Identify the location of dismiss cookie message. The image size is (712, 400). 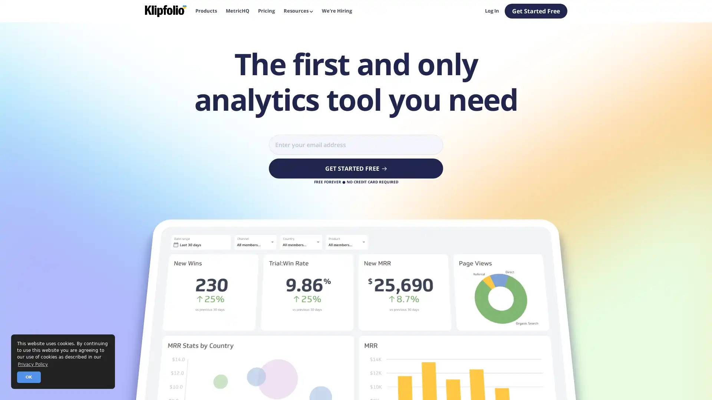
(29, 377).